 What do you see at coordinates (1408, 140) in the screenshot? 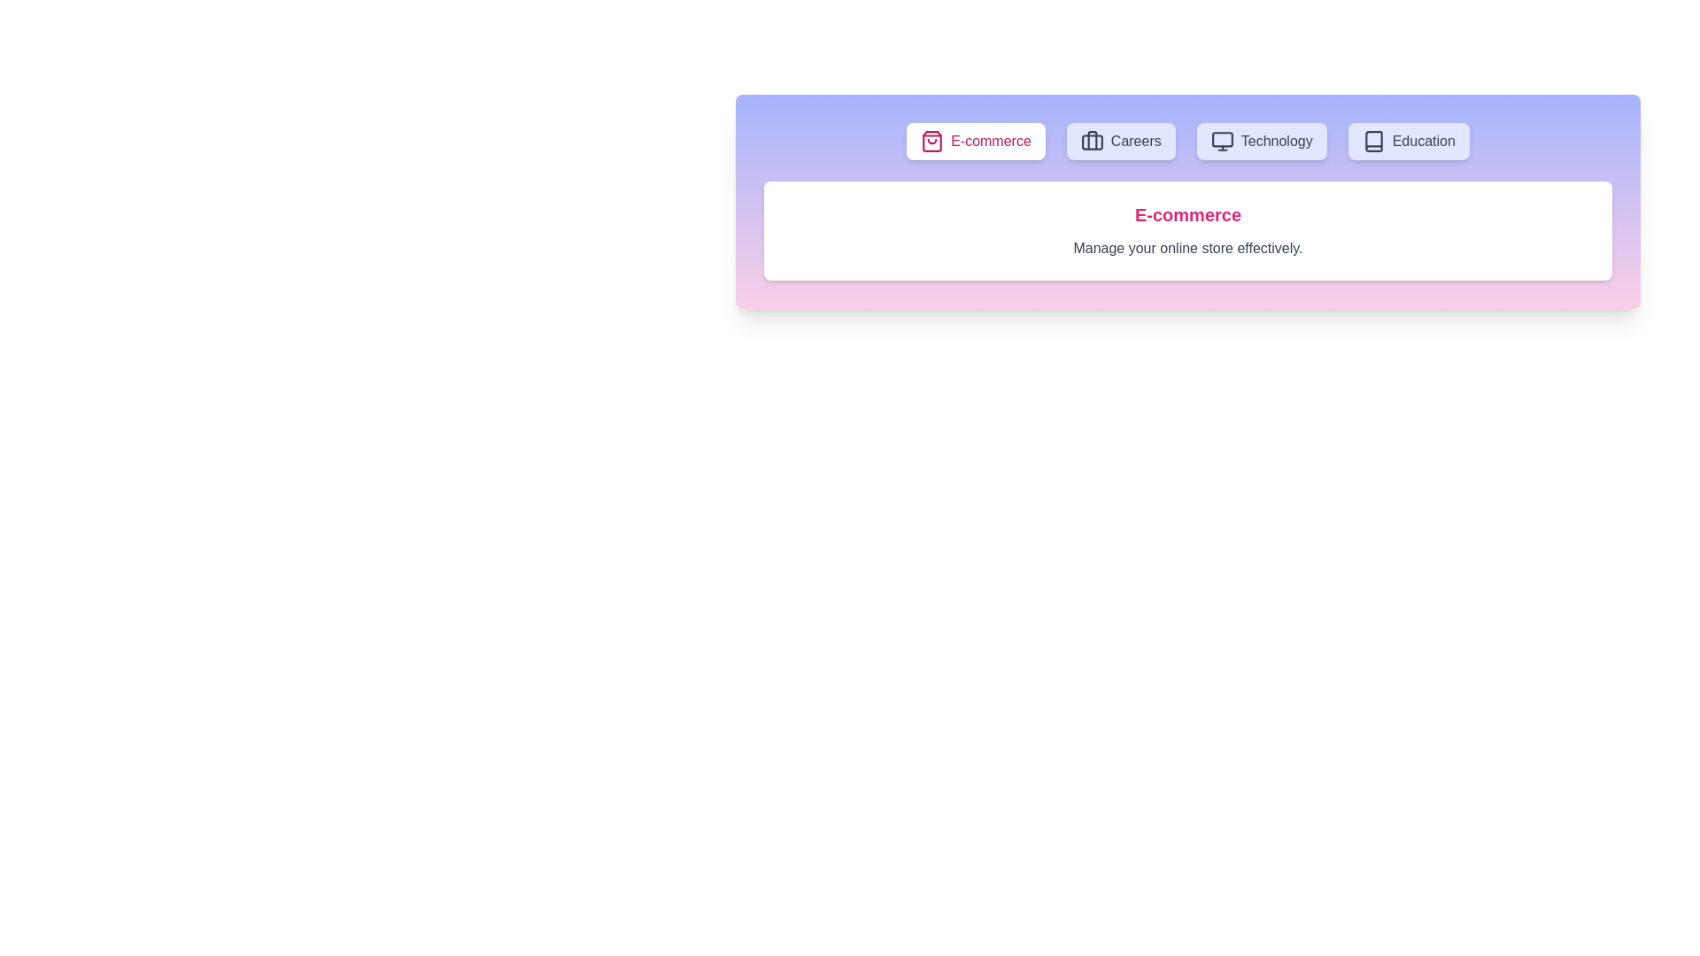
I see `the tab labeled Education to see its hover effect` at bounding box center [1408, 140].